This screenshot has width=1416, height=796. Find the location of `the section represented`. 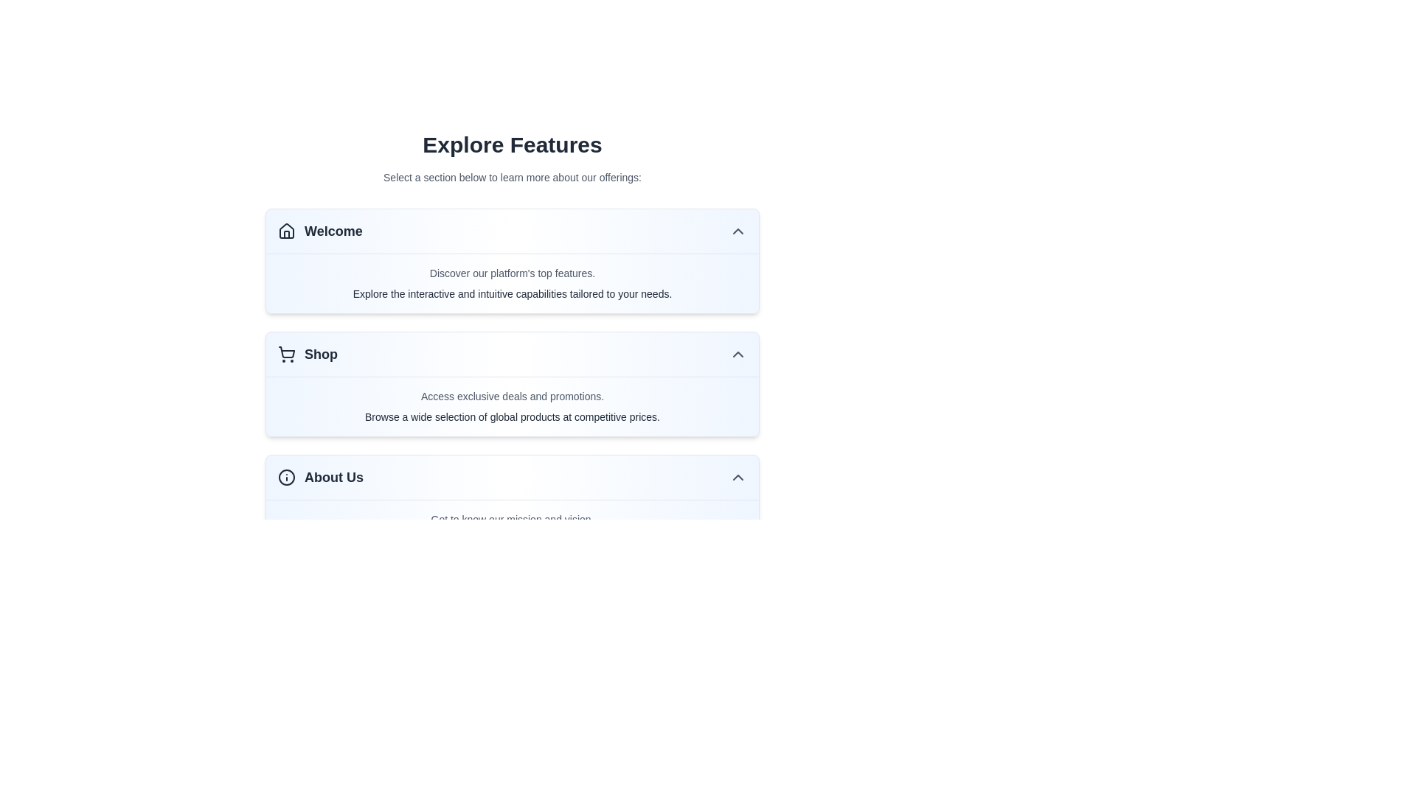

the section represented is located at coordinates (320, 478).